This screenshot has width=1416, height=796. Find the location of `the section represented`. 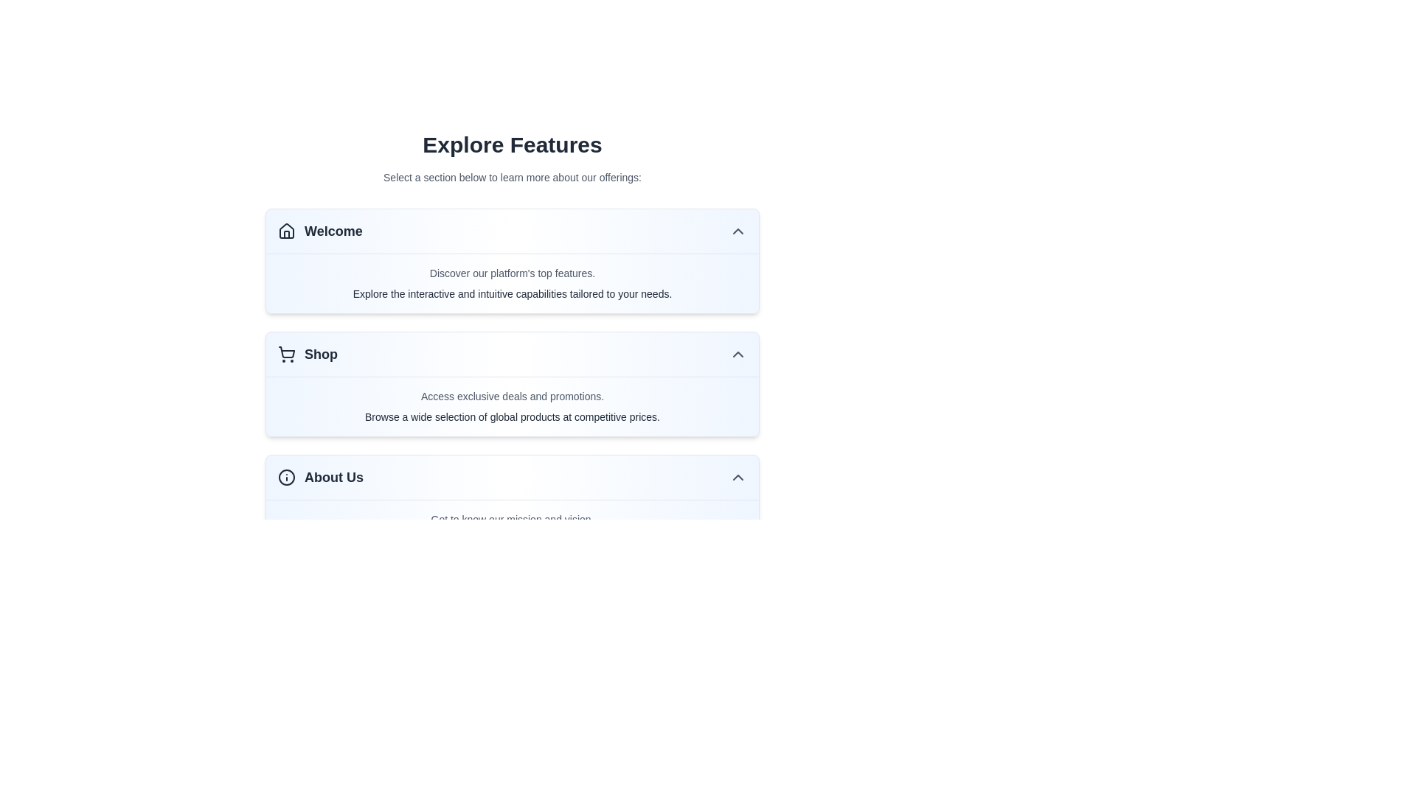

the section represented is located at coordinates (320, 478).